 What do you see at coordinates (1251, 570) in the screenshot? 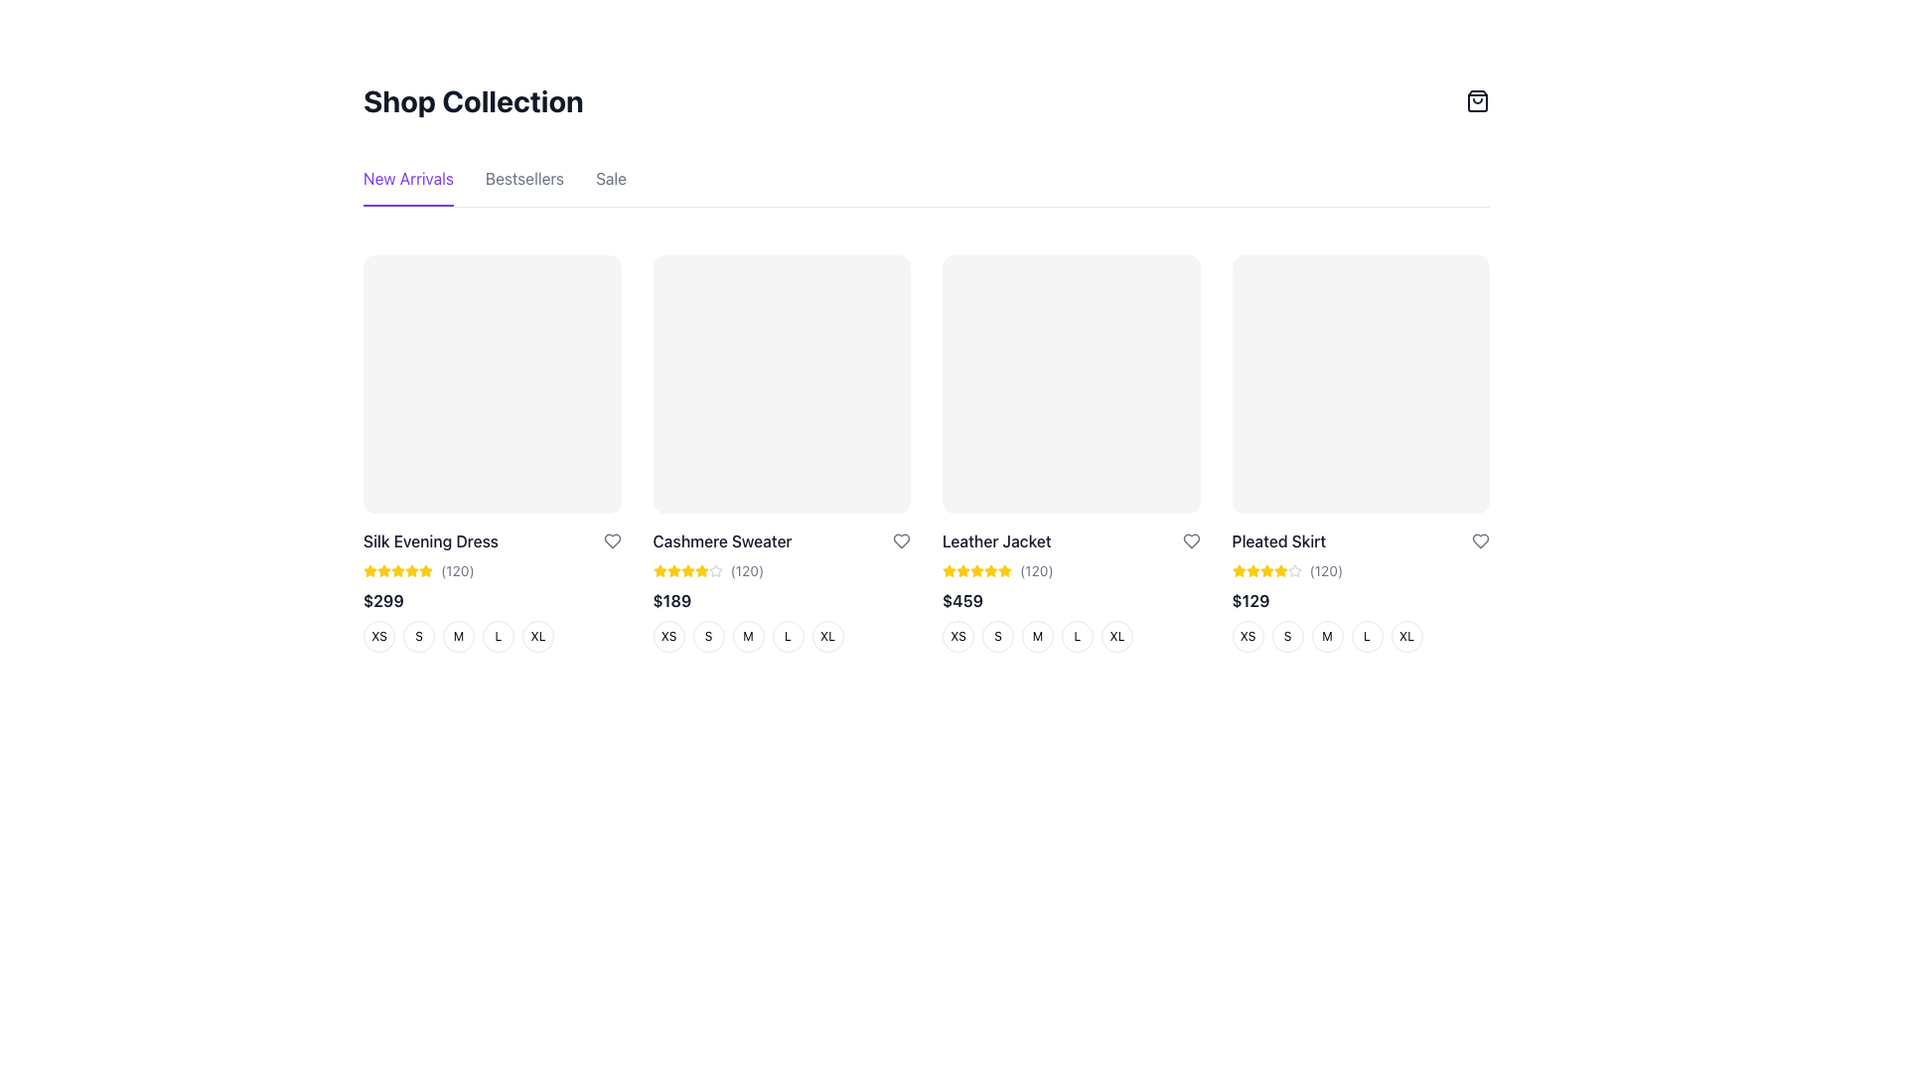
I see `the second star icon in the product rating display for the 'Pleated Skirt', located beneath the product image` at bounding box center [1251, 570].